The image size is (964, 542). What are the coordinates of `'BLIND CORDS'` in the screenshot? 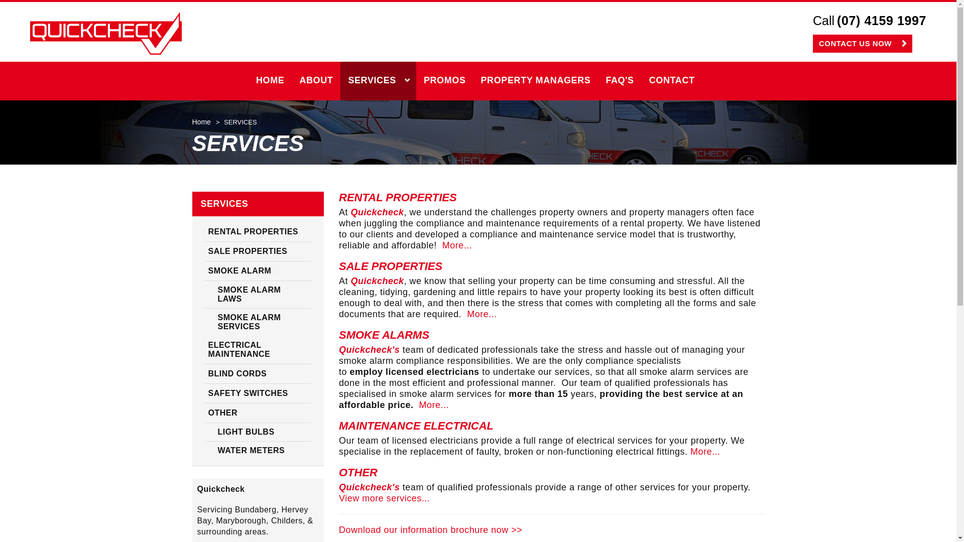 It's located at (258, 374).